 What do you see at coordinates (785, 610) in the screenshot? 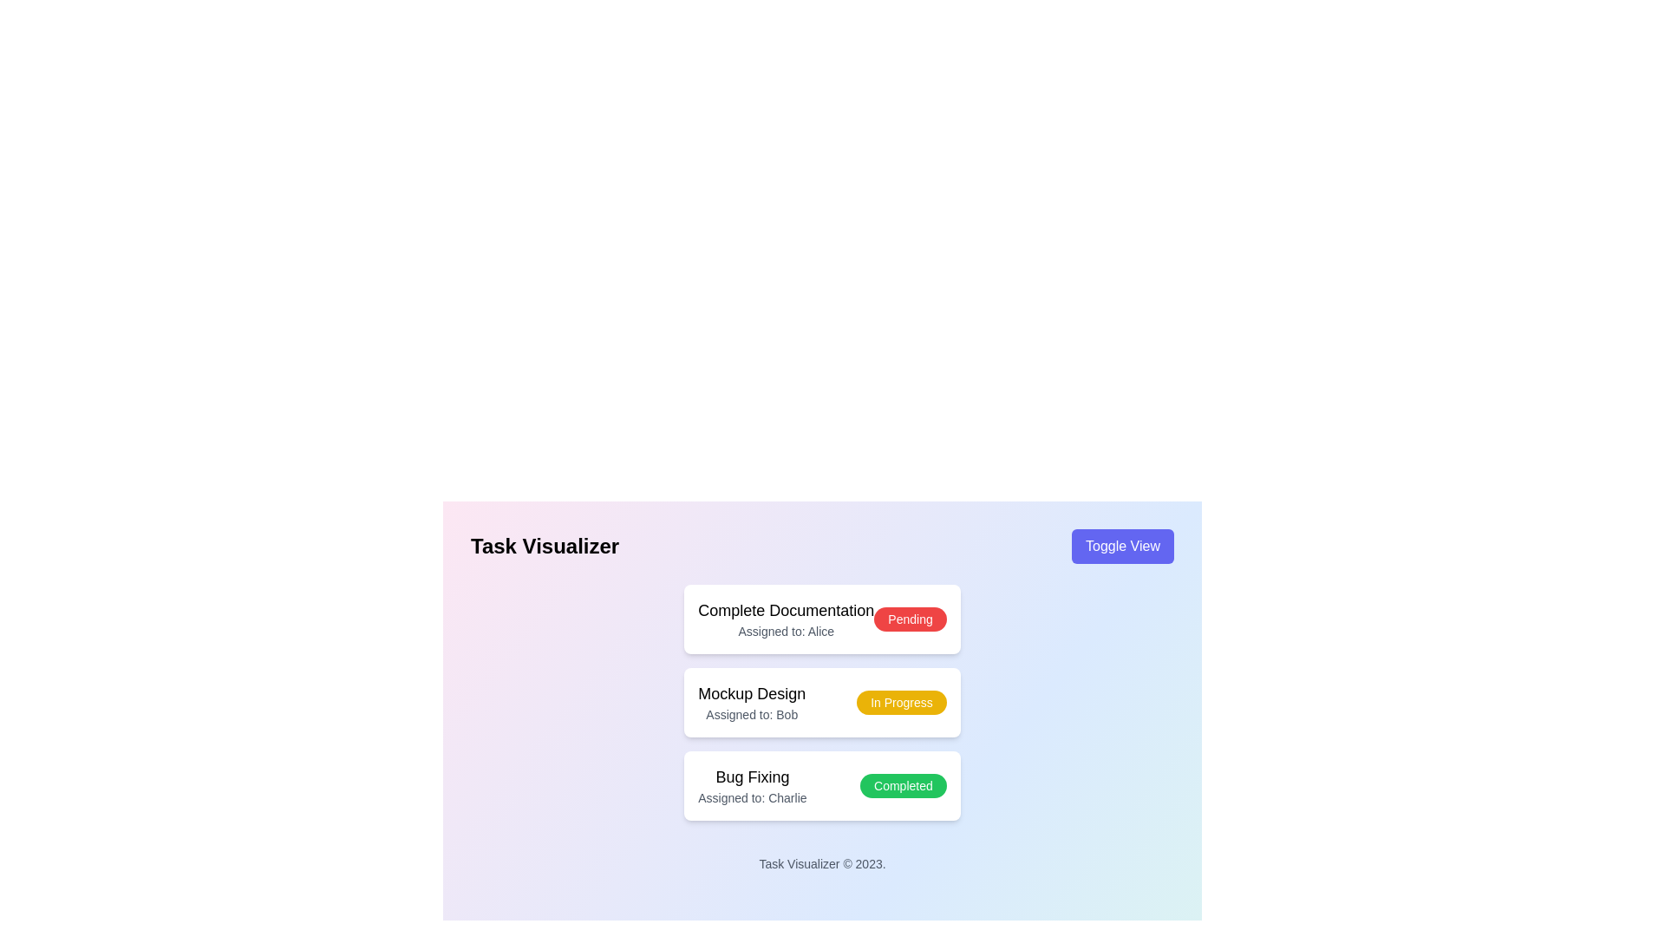
I see `the Text Label that serves as the title of a task or item, positioned above the 'Assigned to: Alice' text and adjacent to the 'Pending' status label` at bounding box center [785, 610].